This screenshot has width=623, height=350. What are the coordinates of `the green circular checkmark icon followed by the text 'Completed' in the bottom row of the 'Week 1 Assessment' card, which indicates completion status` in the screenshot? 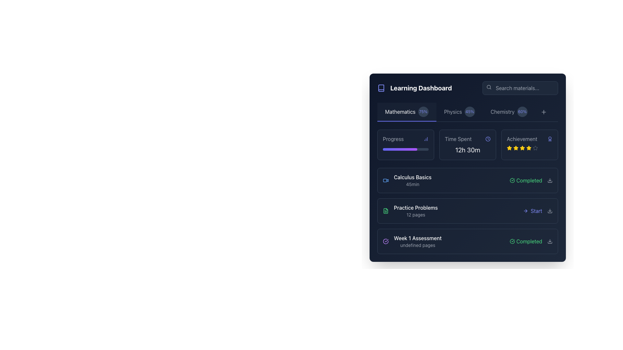 It's located at (531, 241).